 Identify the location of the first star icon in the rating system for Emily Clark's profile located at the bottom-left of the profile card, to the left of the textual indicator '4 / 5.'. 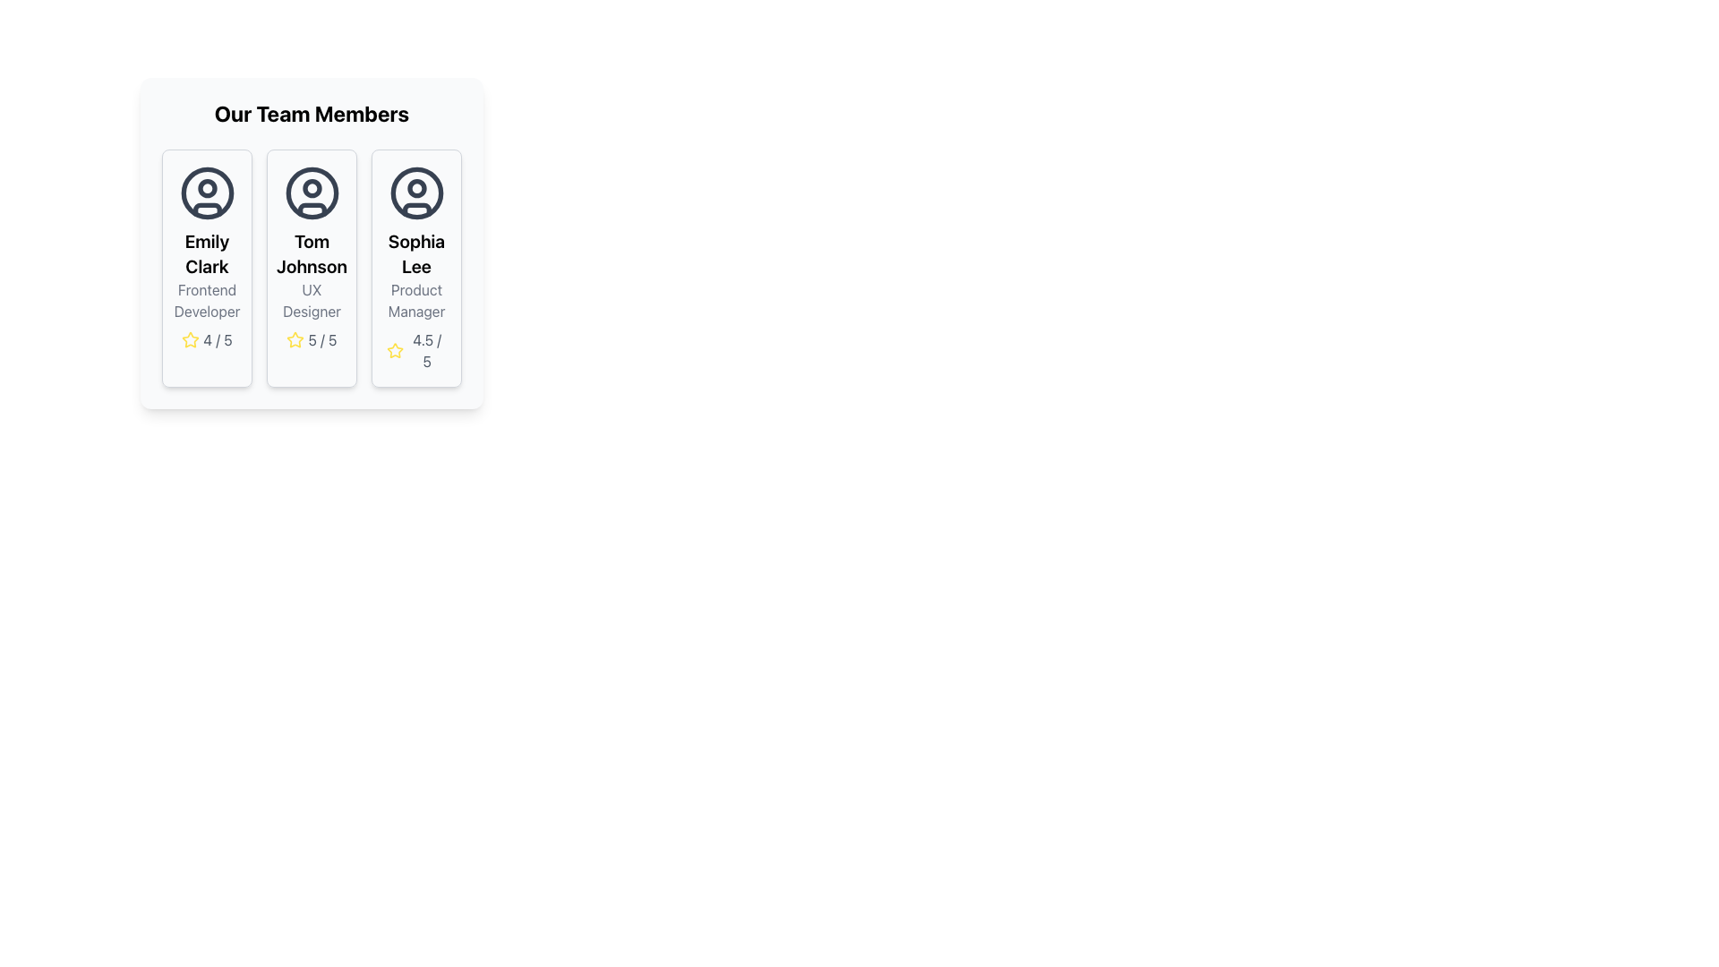
(191, 340).